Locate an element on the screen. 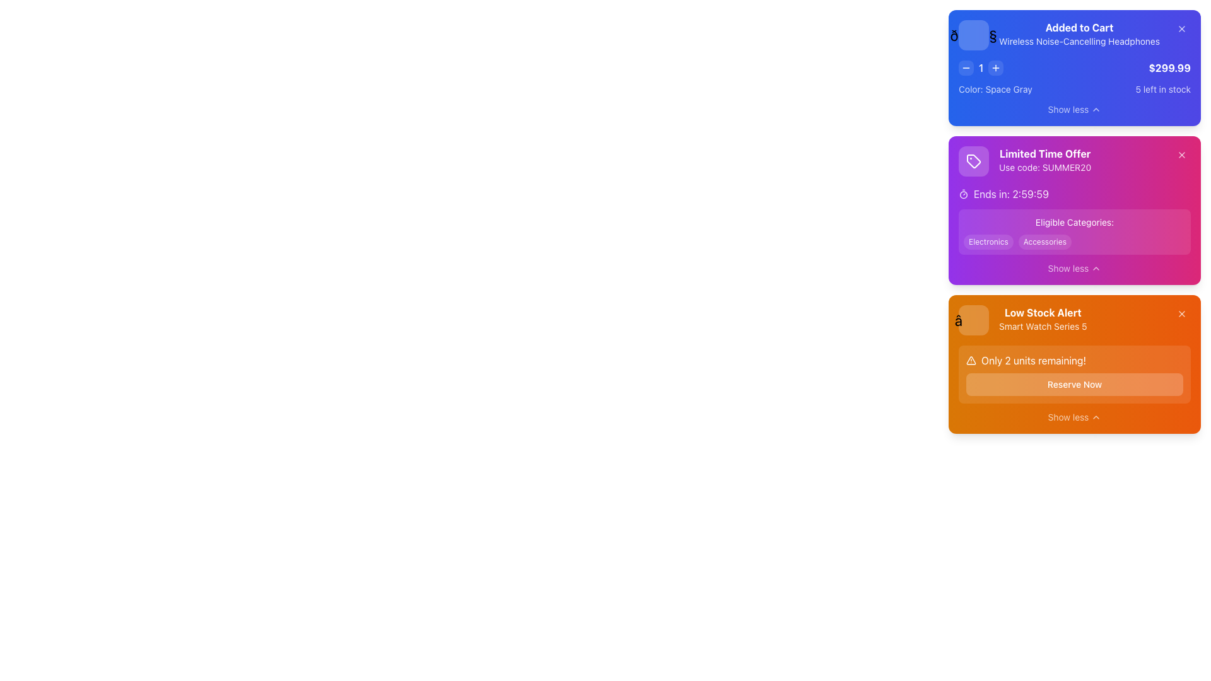  the tag-shaped icon with a small circular center located in the 'Limited Time Offer' card, situated on the left side of the card's header is located at coordinates (973, 160).